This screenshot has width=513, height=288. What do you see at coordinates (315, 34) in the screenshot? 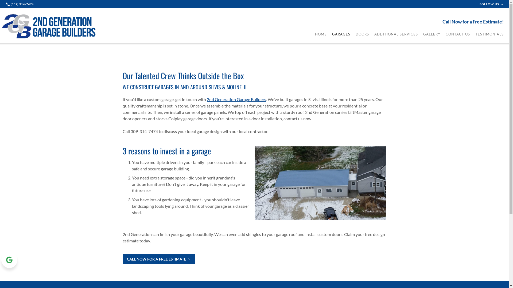
I see `'HOME'` at bounding box center [315, 34].